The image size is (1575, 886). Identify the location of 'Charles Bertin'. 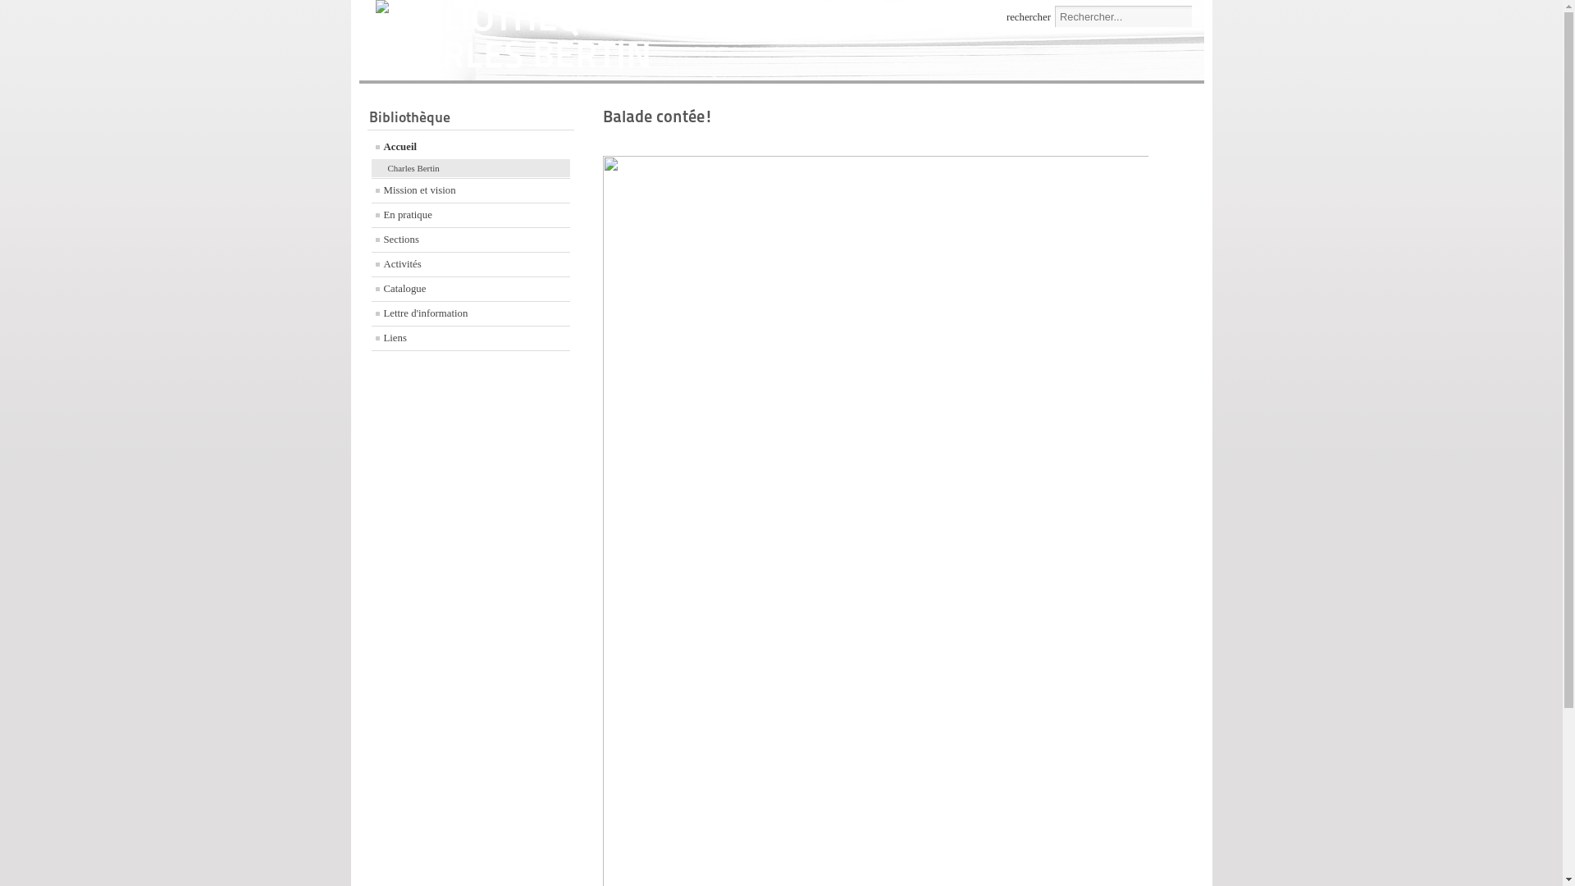
(469, 168).